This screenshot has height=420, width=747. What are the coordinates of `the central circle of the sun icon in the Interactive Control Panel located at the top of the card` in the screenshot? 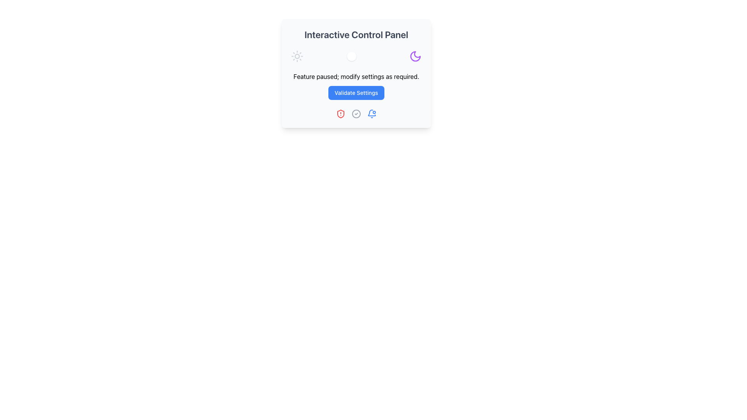 It's located at (296, 56).